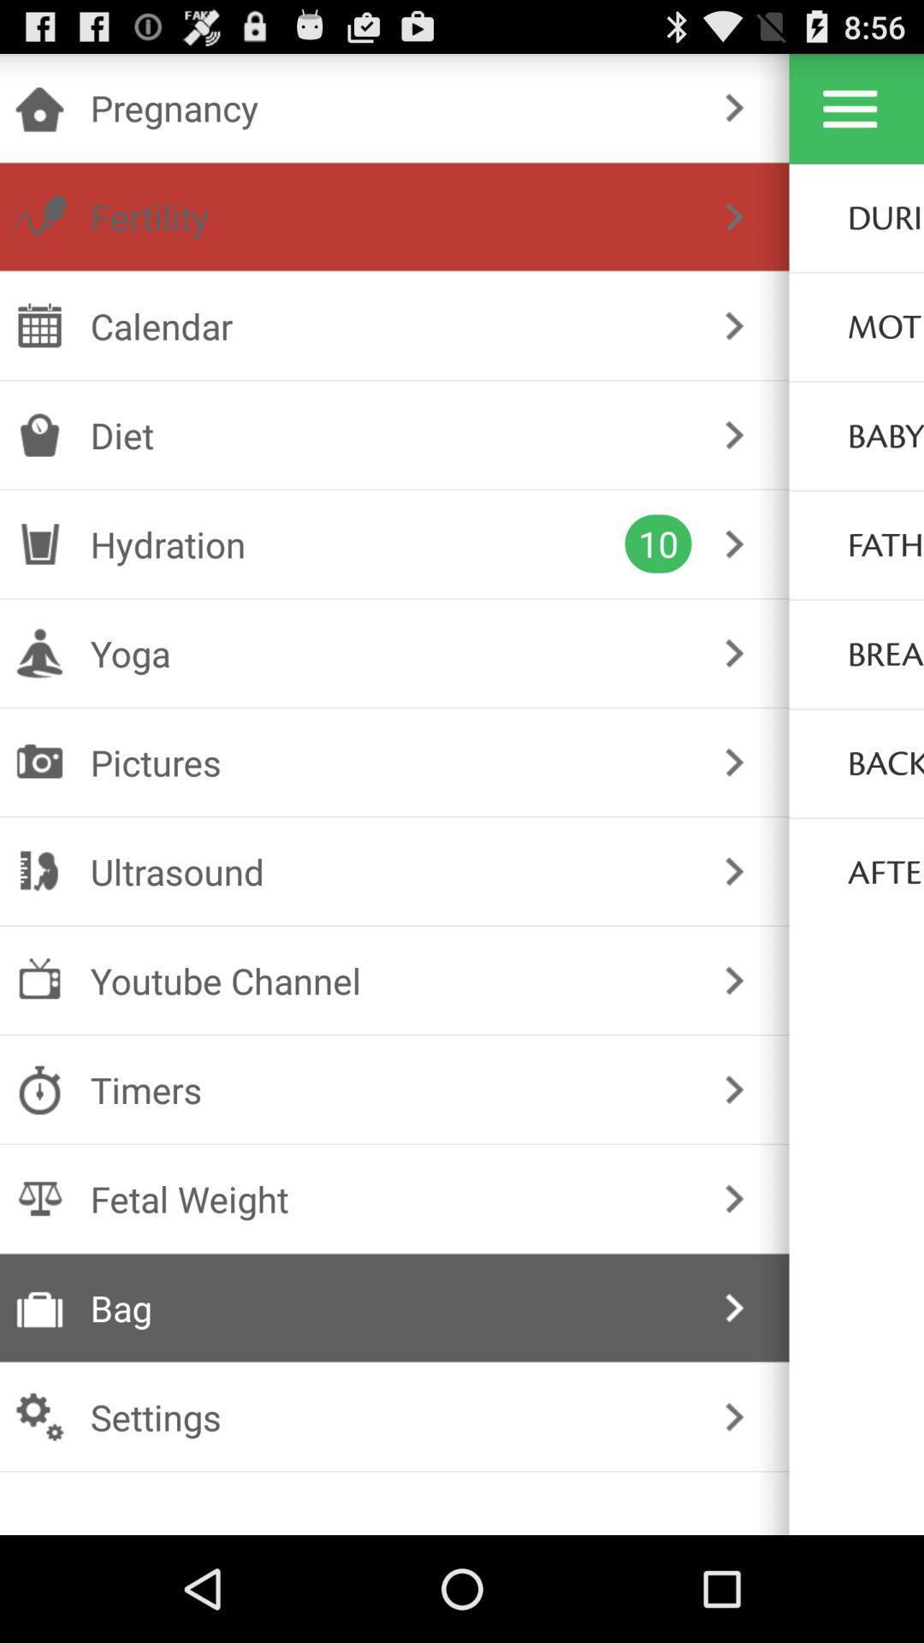 This screenshot has width=924, height=1643. What do you see at coordinates (850, 116) in the screenshot?
I see `the menu icon` at bounding box center [850, 116].